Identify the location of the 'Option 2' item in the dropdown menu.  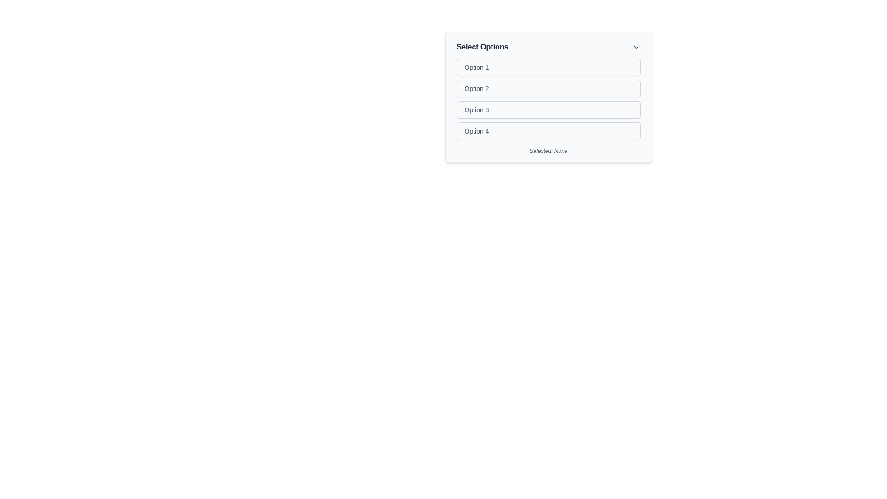
(548, 97).